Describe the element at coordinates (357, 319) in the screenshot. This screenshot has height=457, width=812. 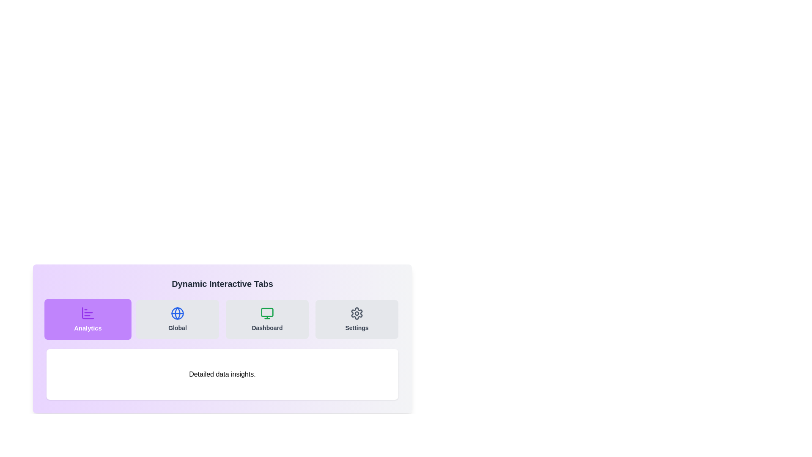
I see `the 'Settings' button, which is a rectangular button with a light gray background and a gear icon followed by the text 'Settings' in bold gray font, to trigger visual feedback` at that location.